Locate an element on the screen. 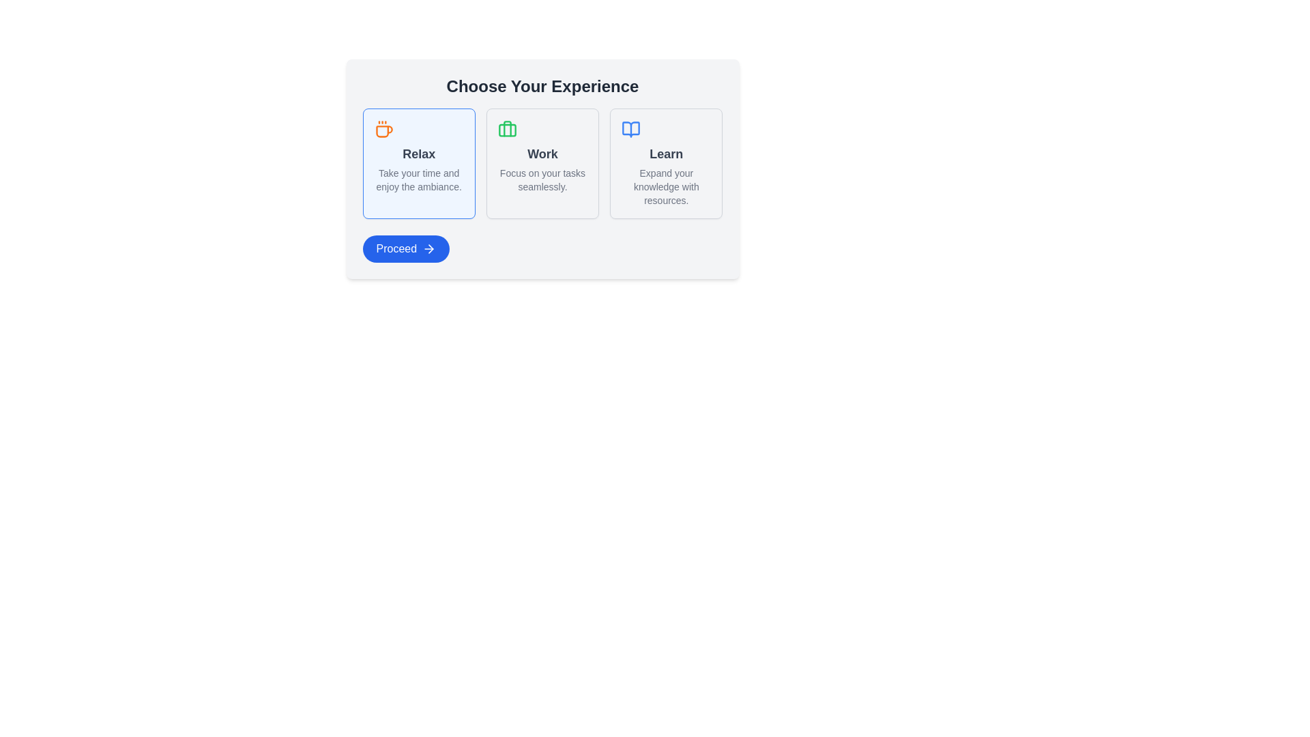 This screenshot has height=737, width=1310. the descriptive text label located below the 'Learn' heading within the 'Learn' card, which is the third card in a horizontal arrangement of three cards is located at coordinates (666, 186).